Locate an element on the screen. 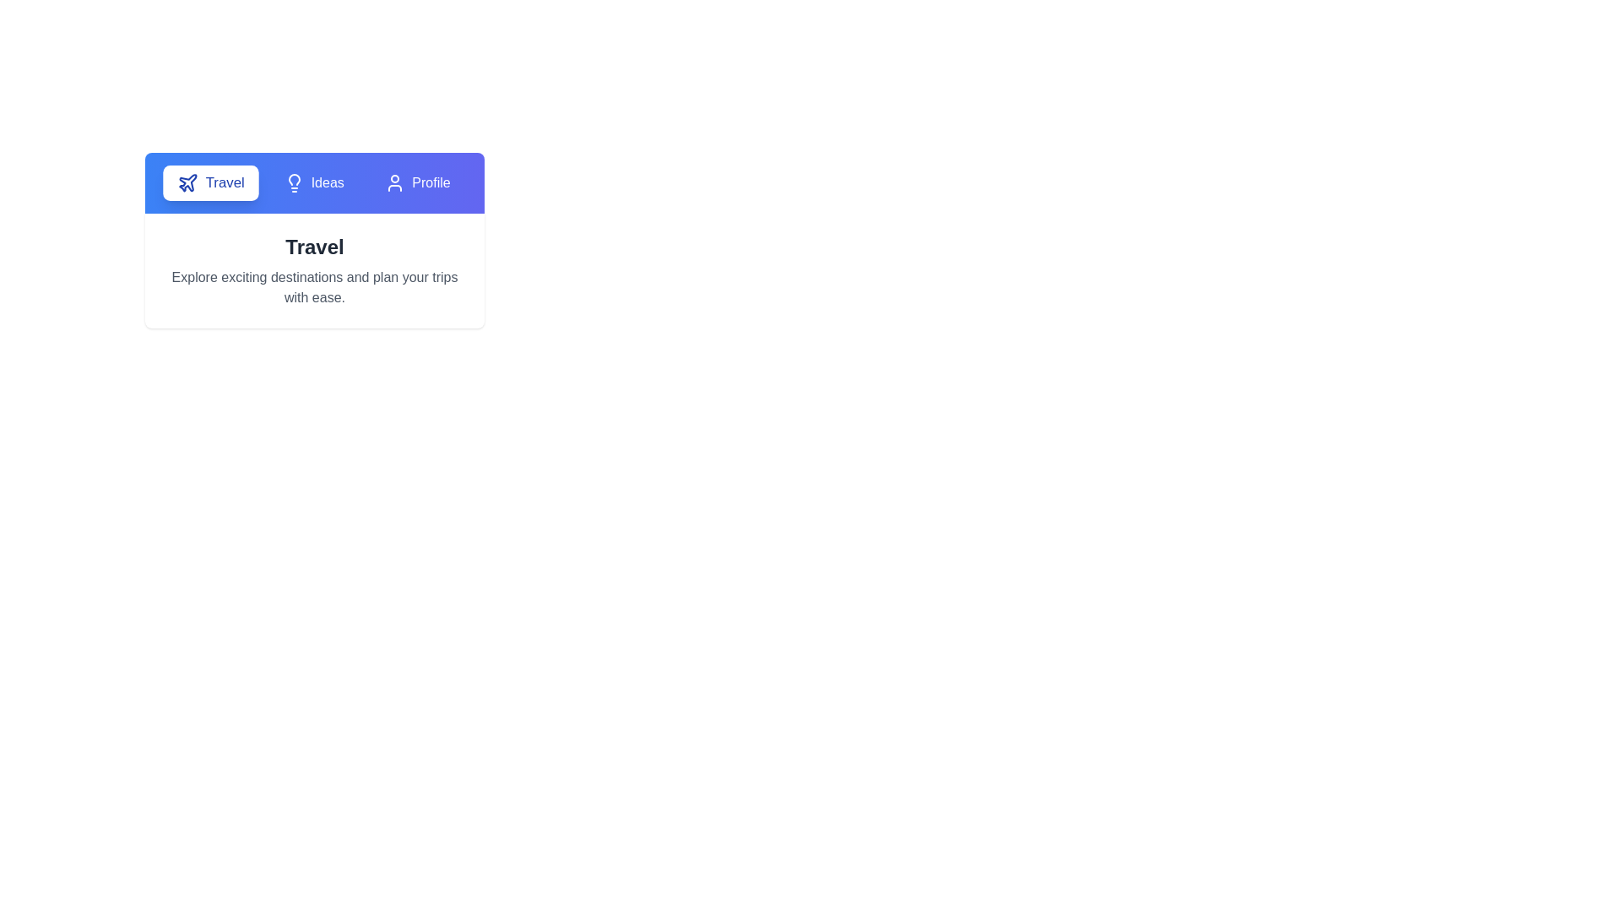 The image size is (1621, 912). the tab labeled Profile is located at coordinates (417, 182).